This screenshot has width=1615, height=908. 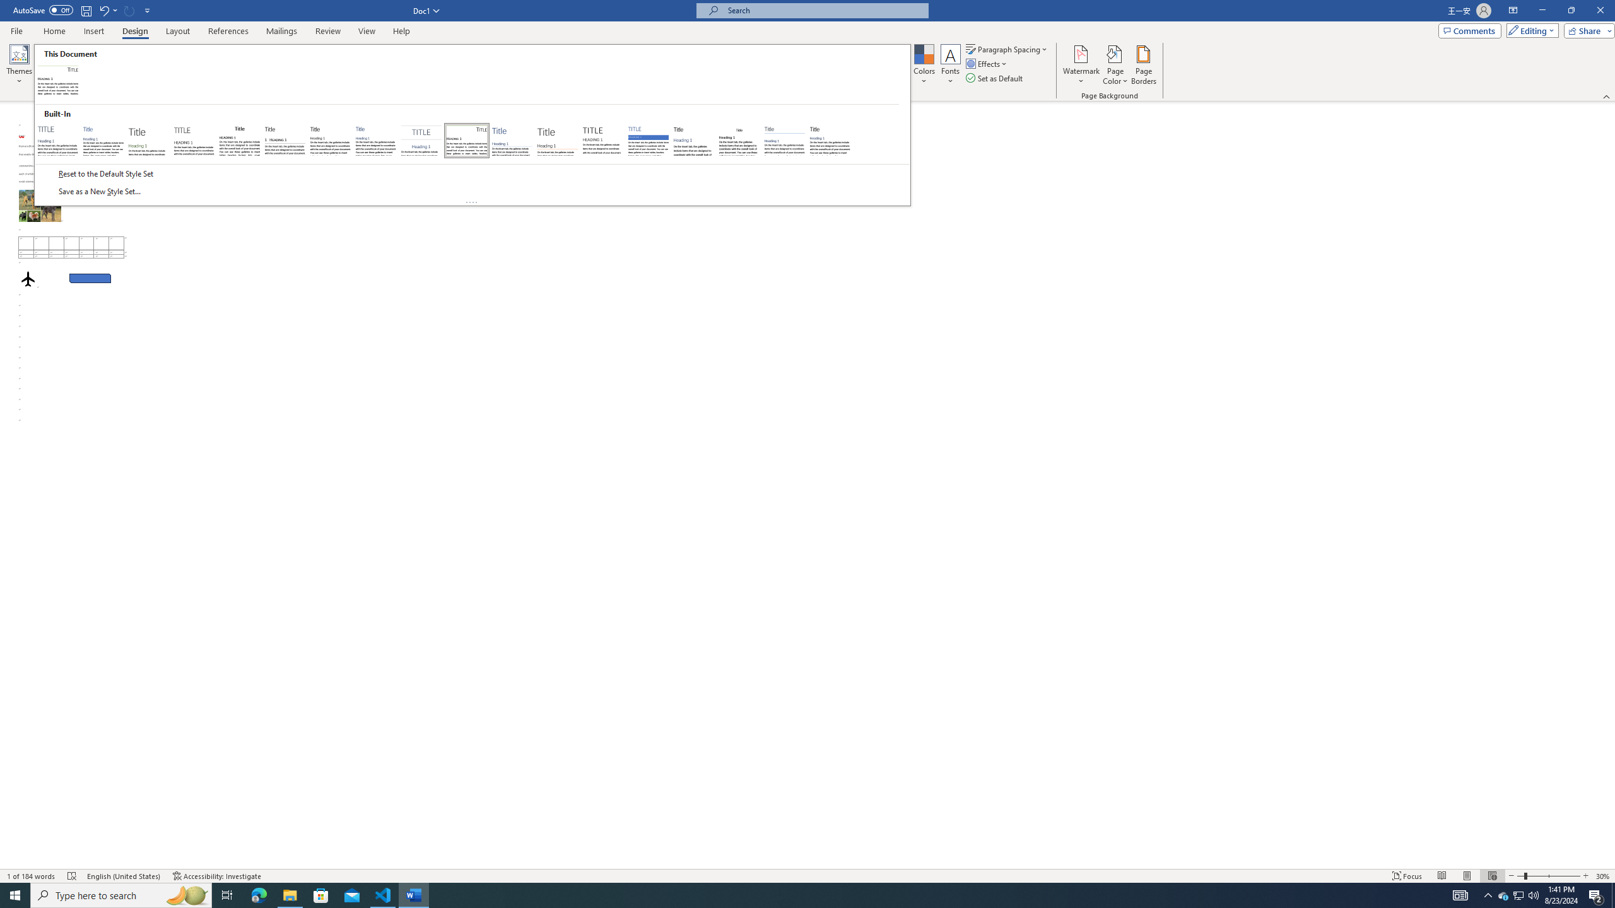 What do you see at coordinates (414, 894) in the screenshot?
I see `'Word - 1 running window'` at bounding box center [414, 894].